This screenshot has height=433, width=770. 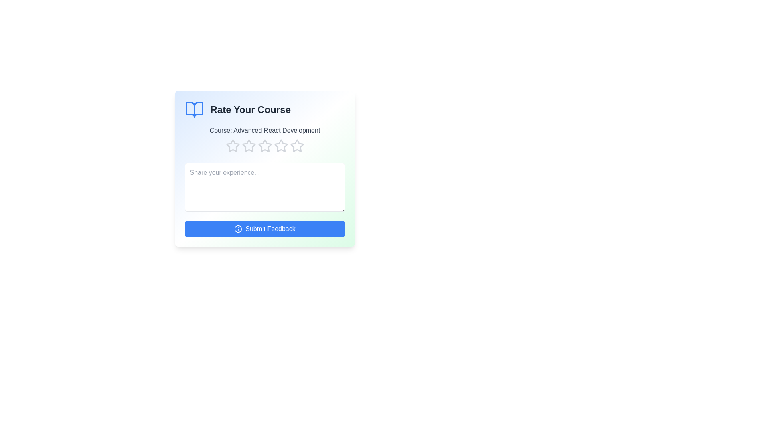 What do you see at coordinates (232, 146) in the screenshot?
I see `the course rating to 1 stars by clicking on the corresponding star` at bounding box center [232, 146].